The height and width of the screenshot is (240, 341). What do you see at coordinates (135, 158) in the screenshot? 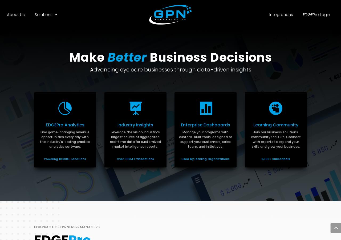
I see `'Over 350M Transactions'` at bounding box center [135, 158].